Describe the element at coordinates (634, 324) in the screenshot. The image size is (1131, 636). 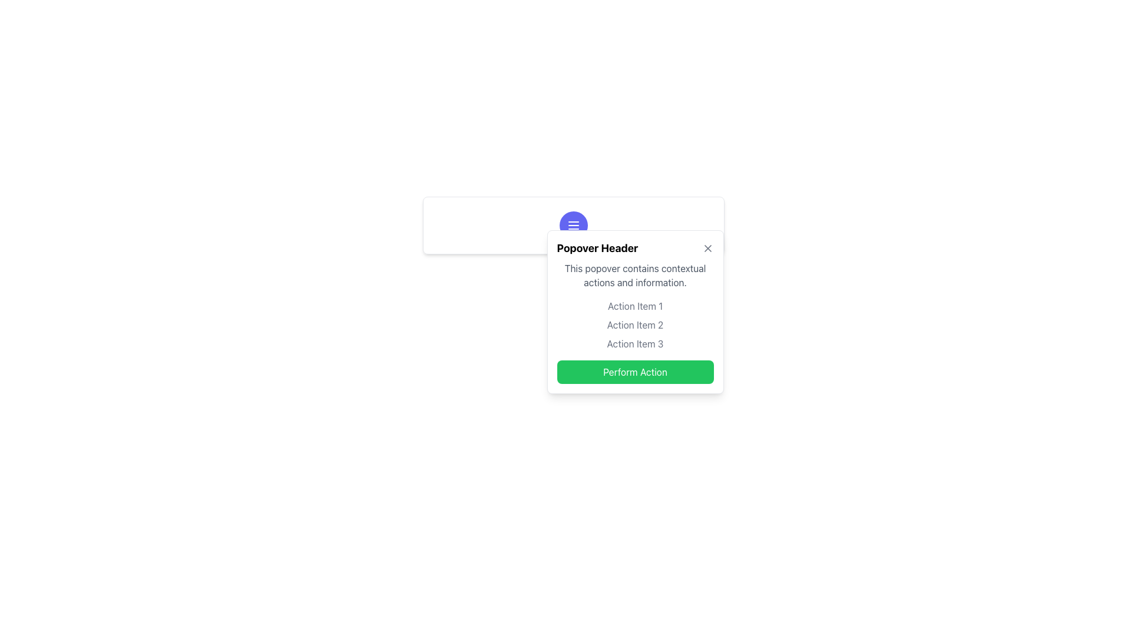
I see `the list of clickable text items in the popover, which are styled in gray text and become underlined on hover, positioned below the header 'Popover Header' and above the 'Perform Action' button` at that location.